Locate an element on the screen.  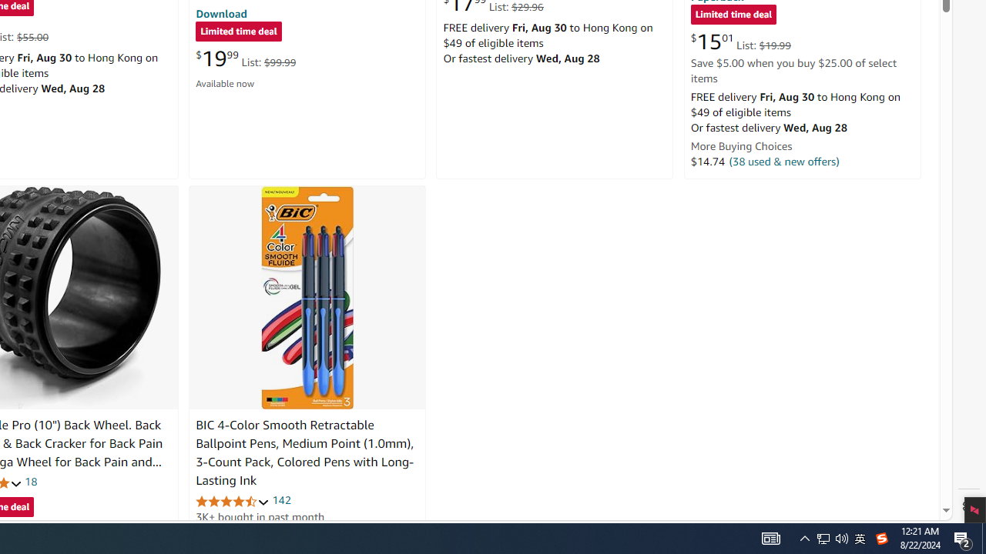
'(38 used & new offers)' is located at coordinates (784, 161).